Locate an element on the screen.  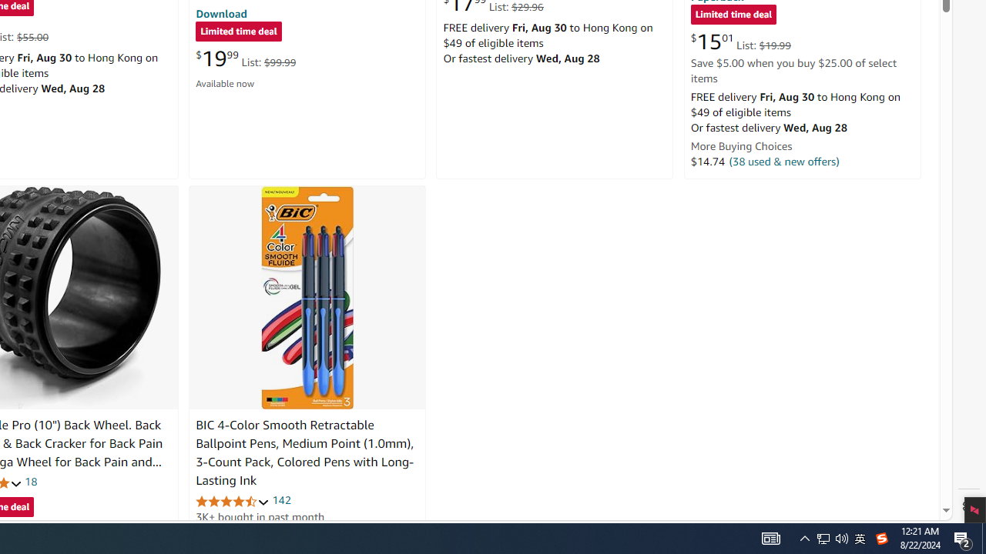
'(38 used & new offers)' is located at coordinates (784, 161).